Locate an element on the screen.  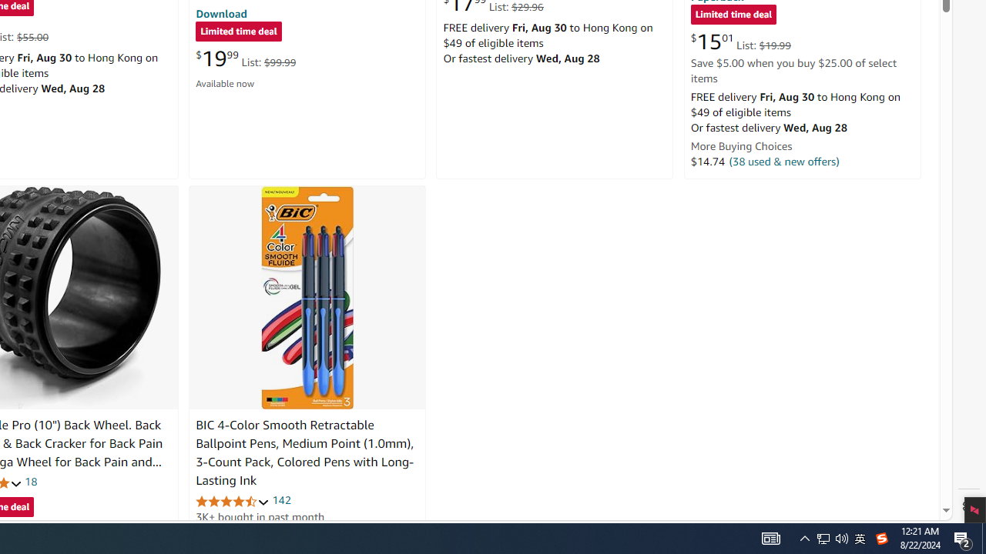
'(38 used & new offers)' is located at coordinates (784, 161).